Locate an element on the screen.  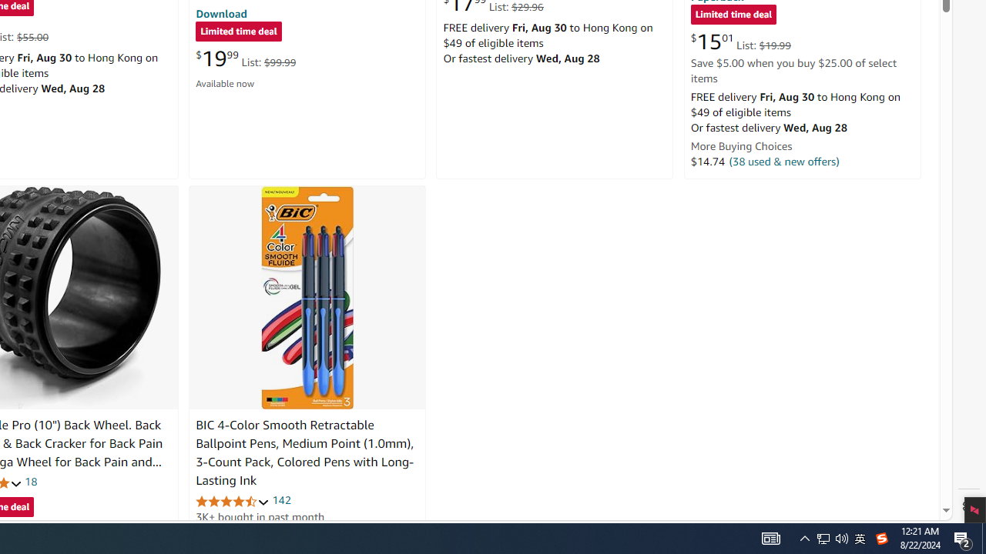
'(38 used & new offers)' is located at coordinates (784, 161).